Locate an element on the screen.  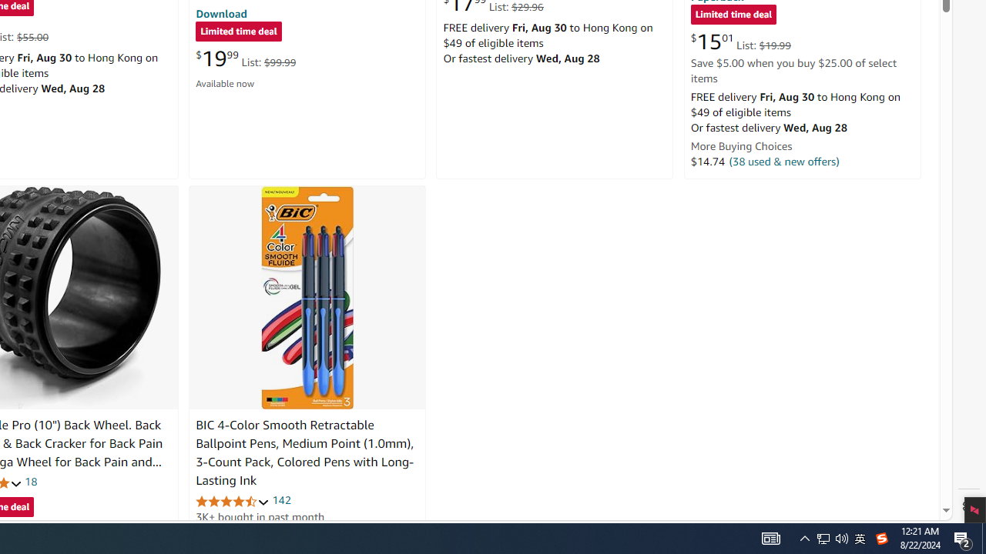
'(38 used & new offers)' is located at coordinates (784, 161).